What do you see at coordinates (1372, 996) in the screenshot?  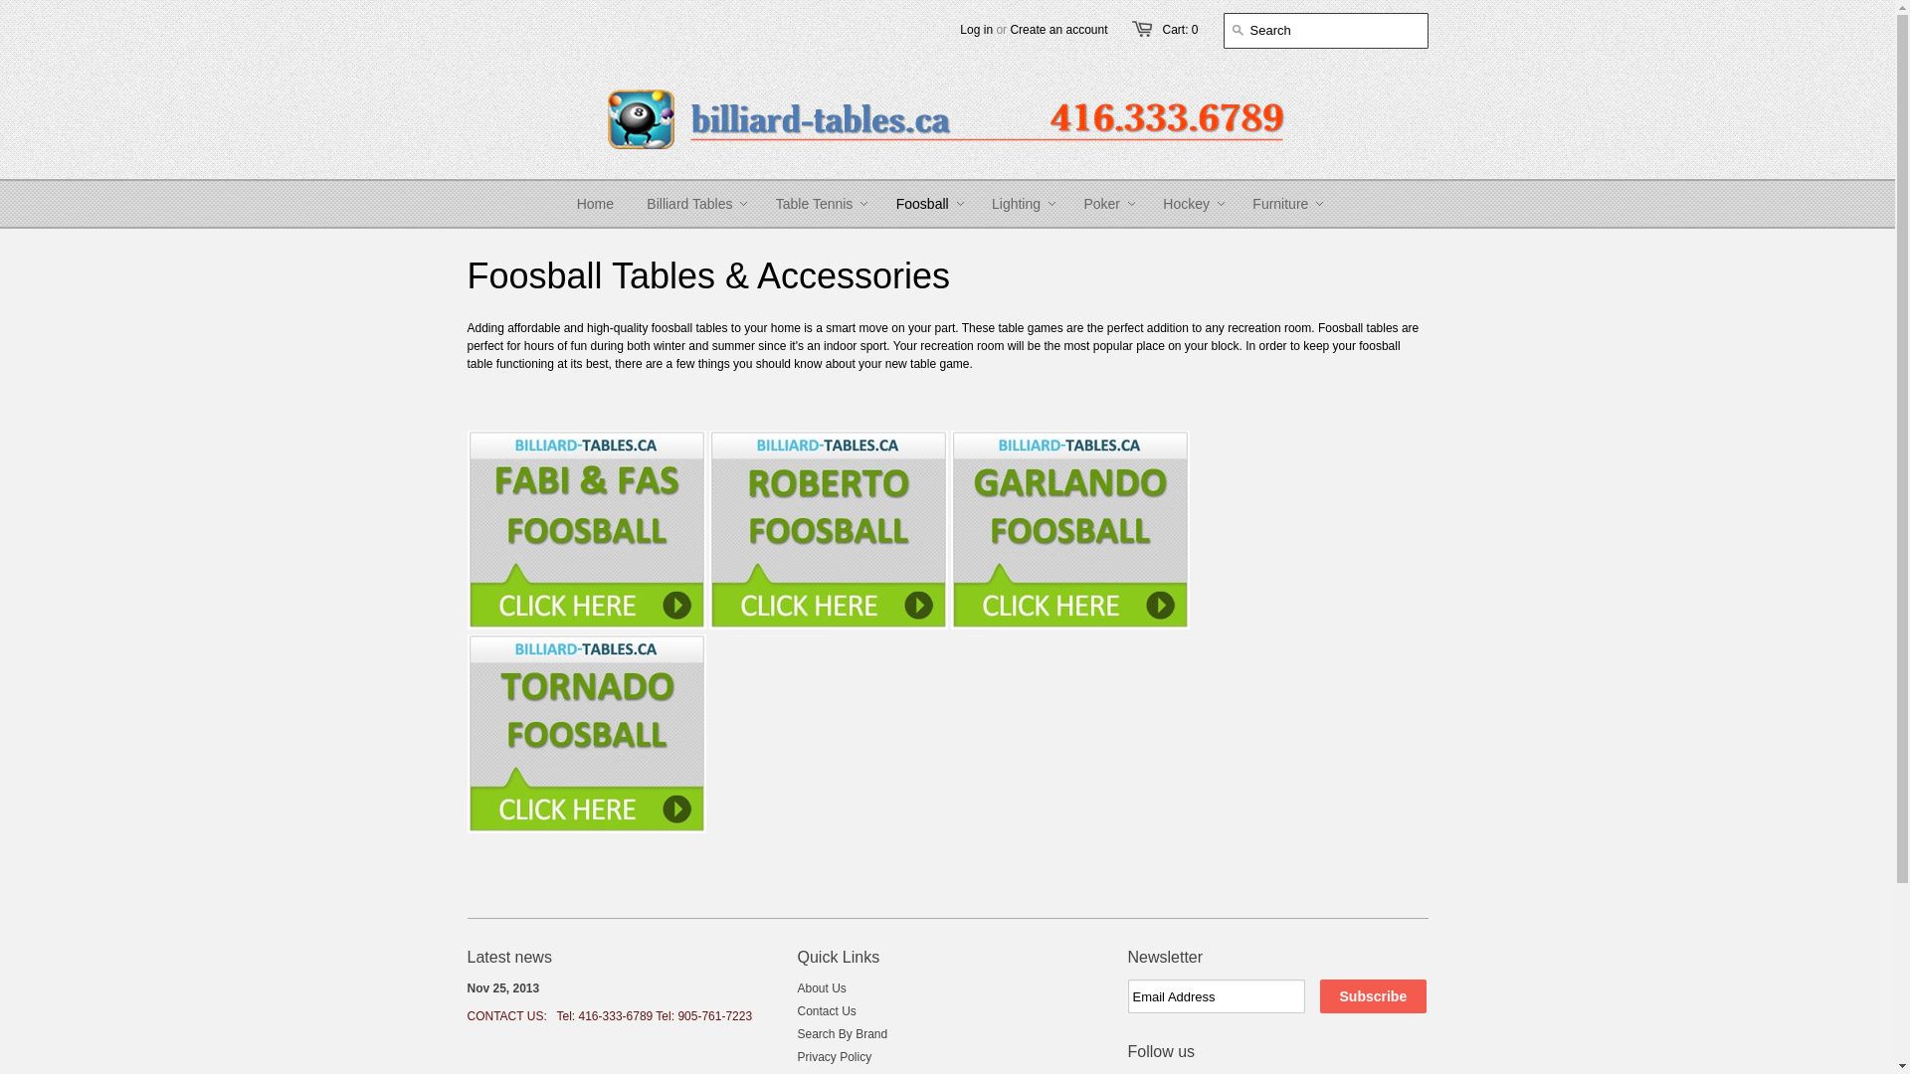 I see `'Subscribe'` at bounding box center [1372, 996].